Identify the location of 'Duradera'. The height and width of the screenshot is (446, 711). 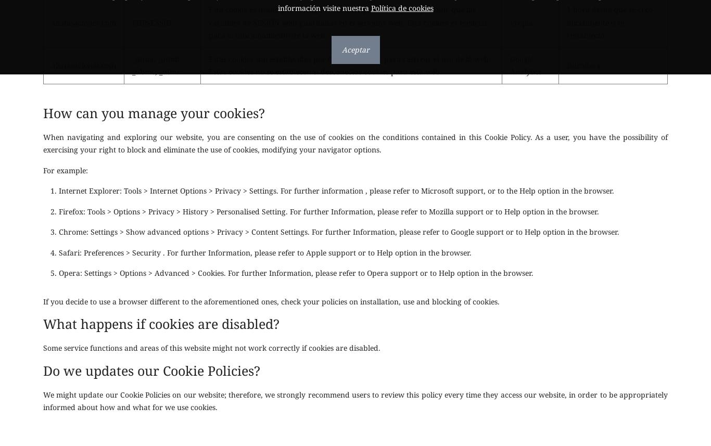
(582, 64).